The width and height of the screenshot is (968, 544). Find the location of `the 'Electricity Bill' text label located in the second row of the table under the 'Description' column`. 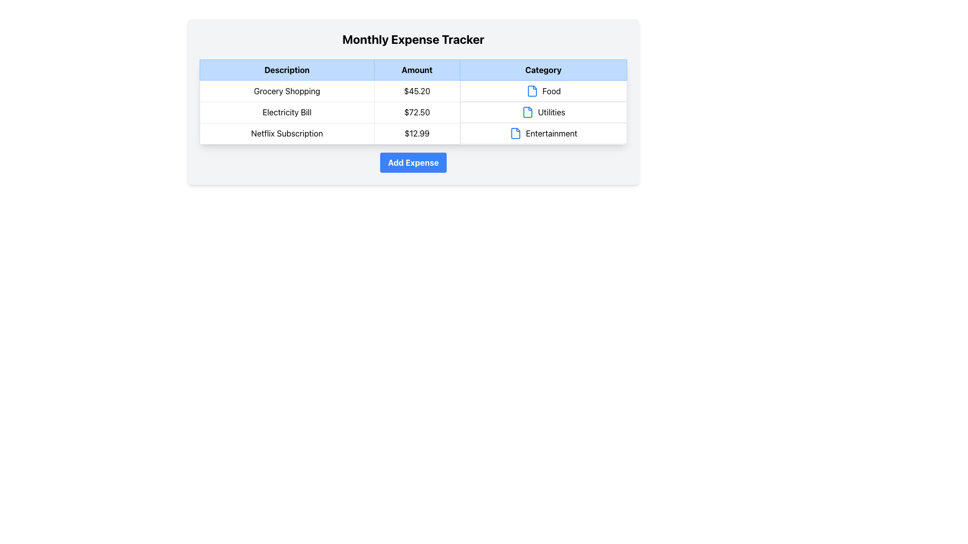

the 'Electricity Bill' text label located in the second row of the table under the 'Description' column is located at coordinates (286, 112).